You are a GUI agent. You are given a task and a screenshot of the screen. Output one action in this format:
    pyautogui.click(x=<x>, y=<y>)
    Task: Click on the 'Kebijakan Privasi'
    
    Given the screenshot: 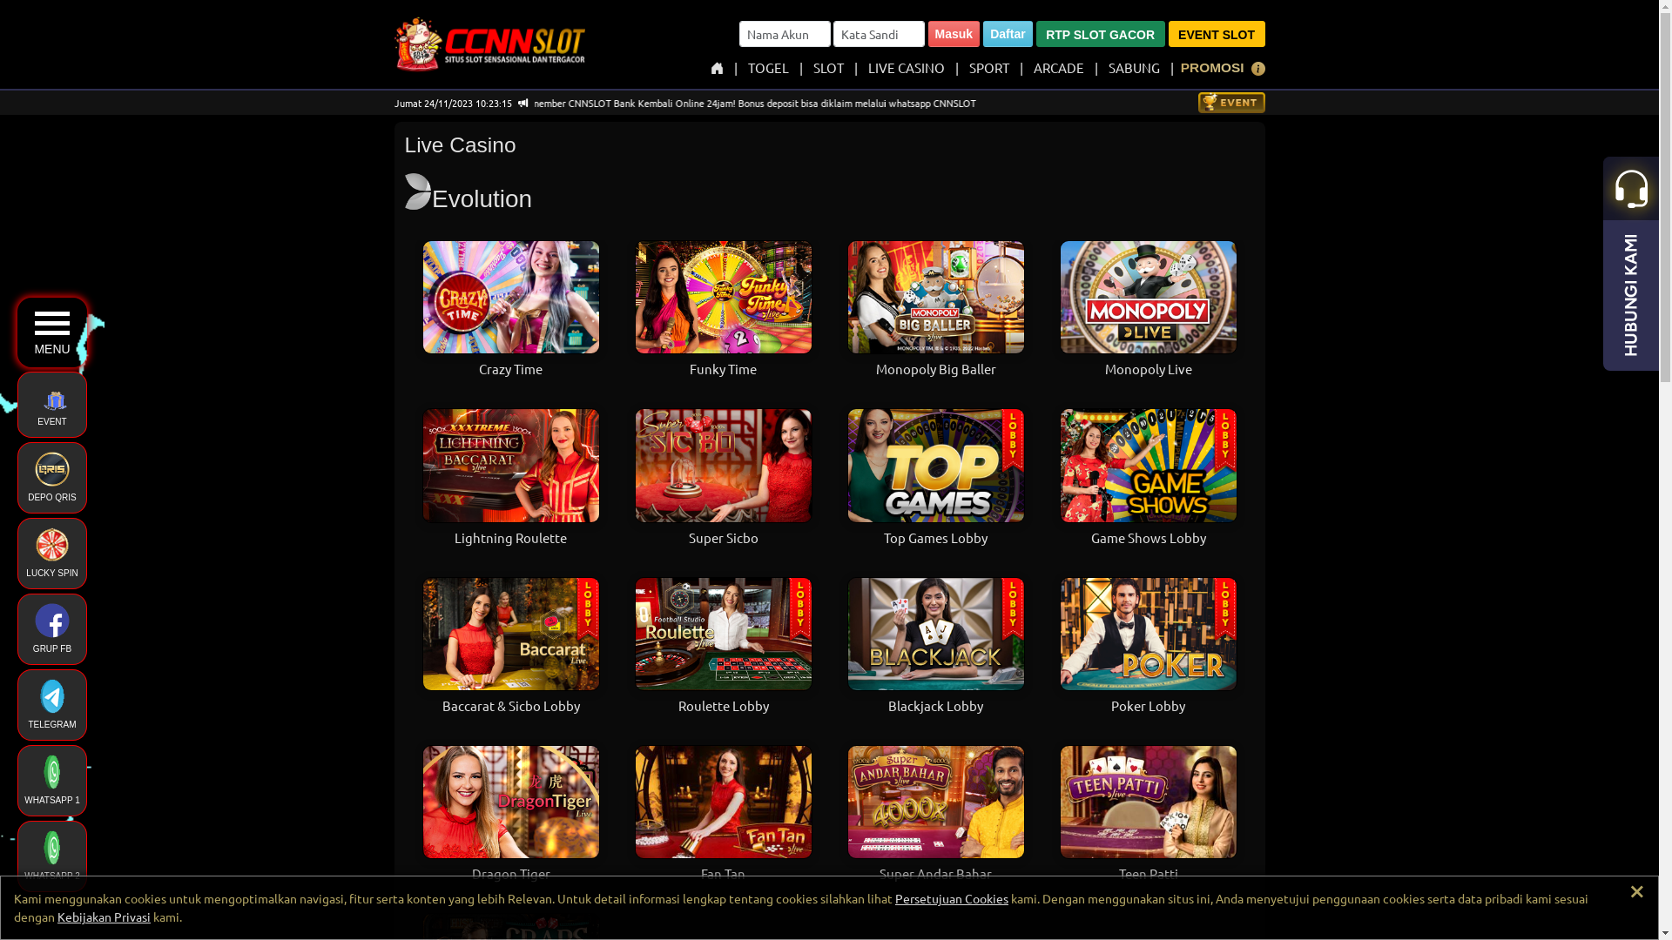 What is the action you would take?
    pyautogui.click(x=57, y=916)
    